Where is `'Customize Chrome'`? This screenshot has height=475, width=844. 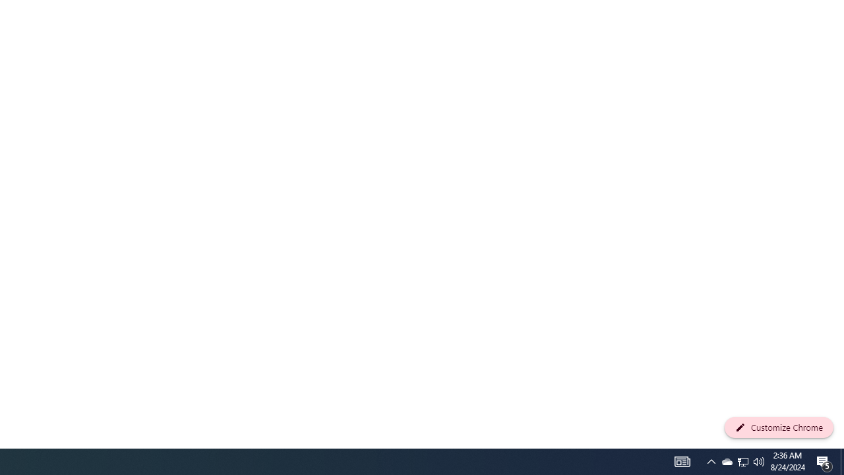 'Customize Chrome' is located at coordinates (779, 427).